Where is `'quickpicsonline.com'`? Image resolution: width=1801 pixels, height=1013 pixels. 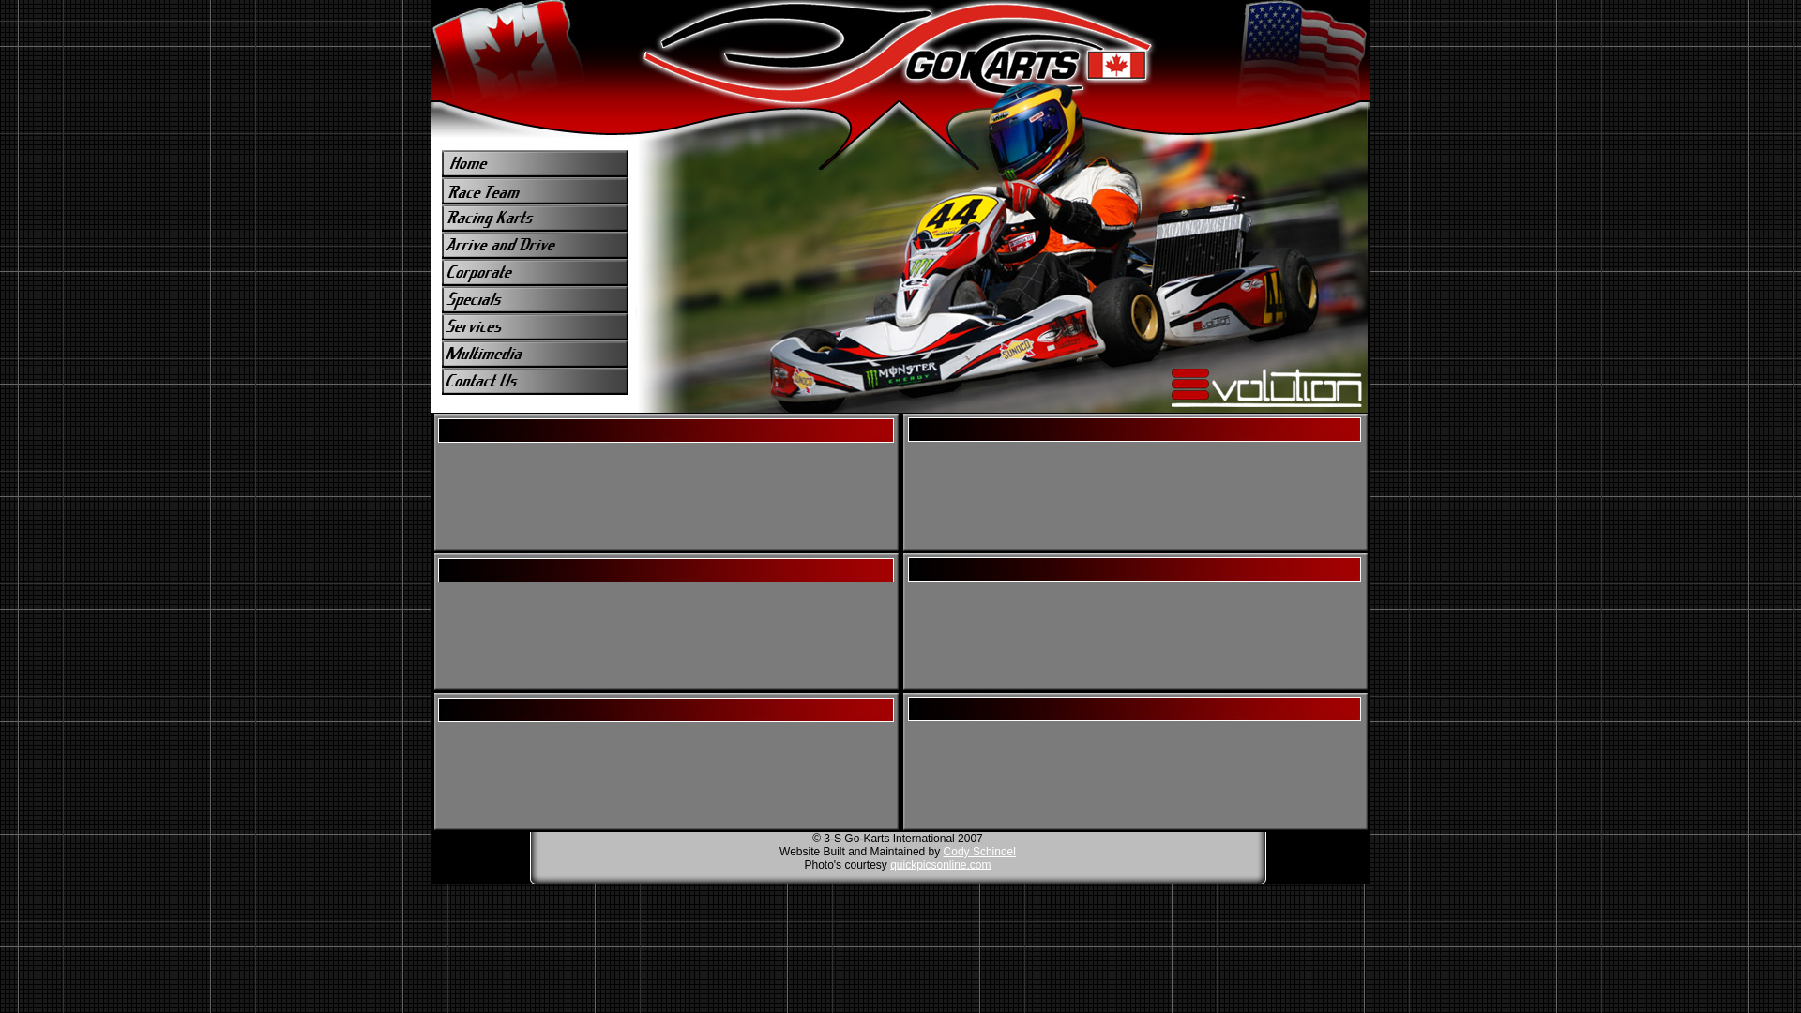
'quickpicsonline.com' is located at coordinates (940, 864).